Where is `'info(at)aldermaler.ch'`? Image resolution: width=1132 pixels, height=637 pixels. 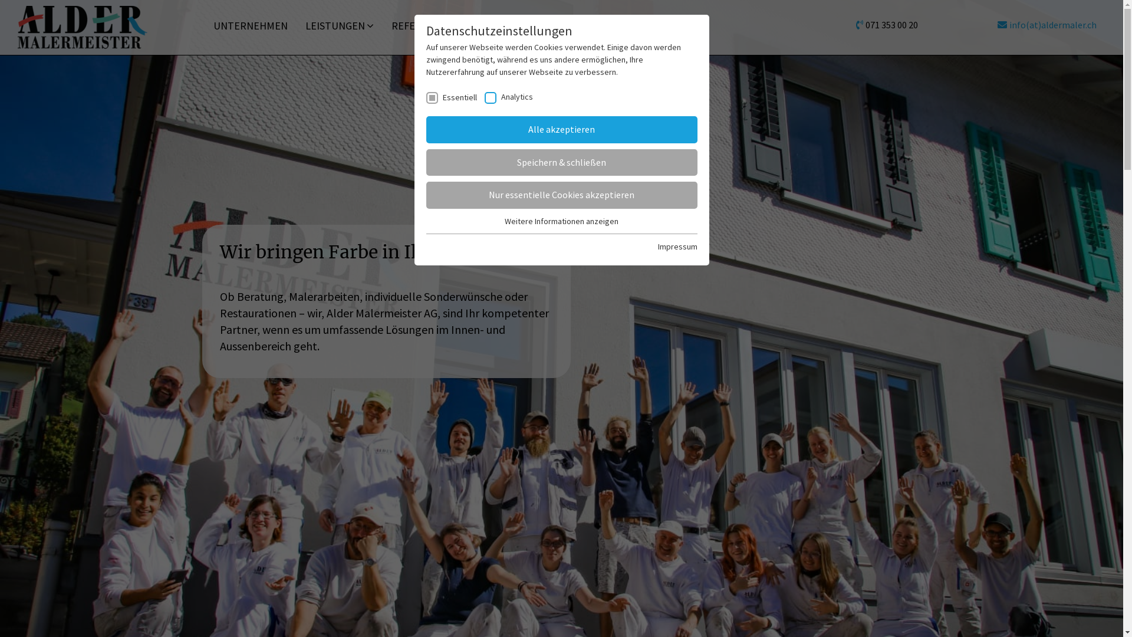
'info(at)aldermaler.ch' is located at coordinates (1052, 25).